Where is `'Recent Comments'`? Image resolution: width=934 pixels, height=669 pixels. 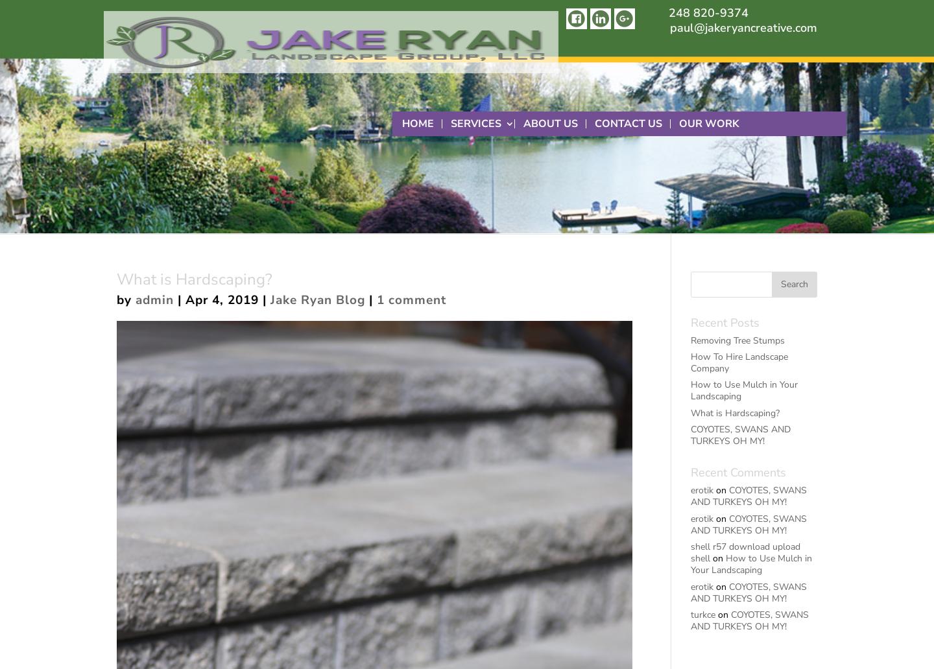
'Recent Comments' is located at coordinates (737, 472).